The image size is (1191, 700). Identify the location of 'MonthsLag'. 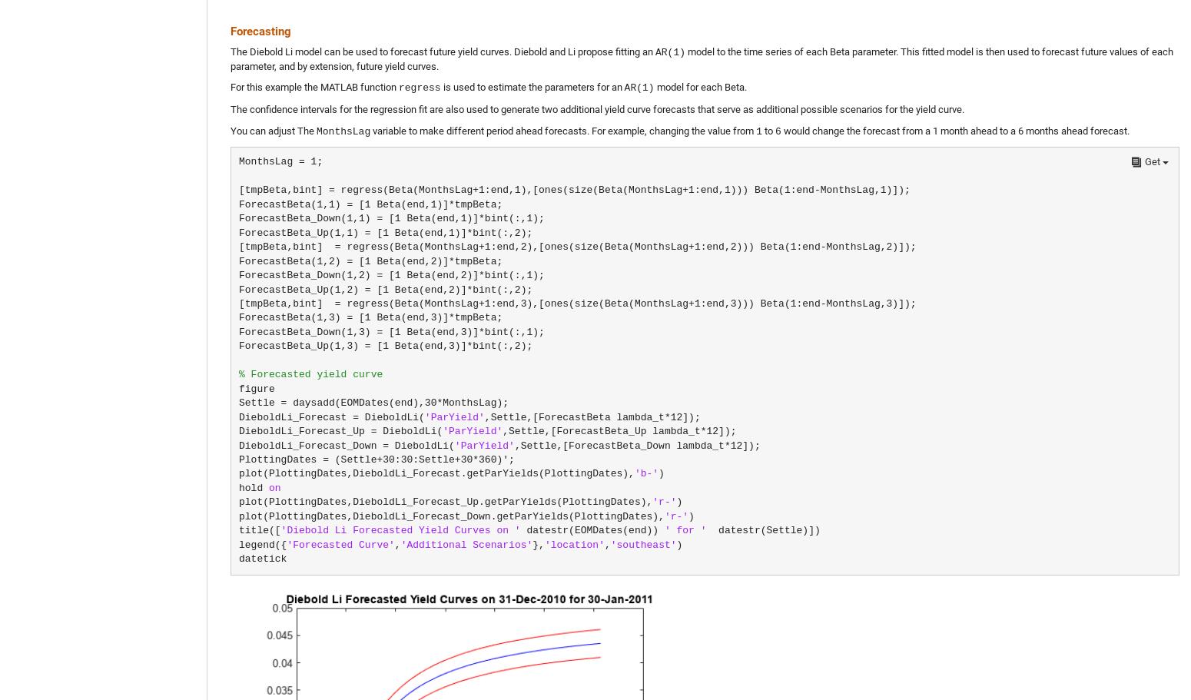
(316, 131).